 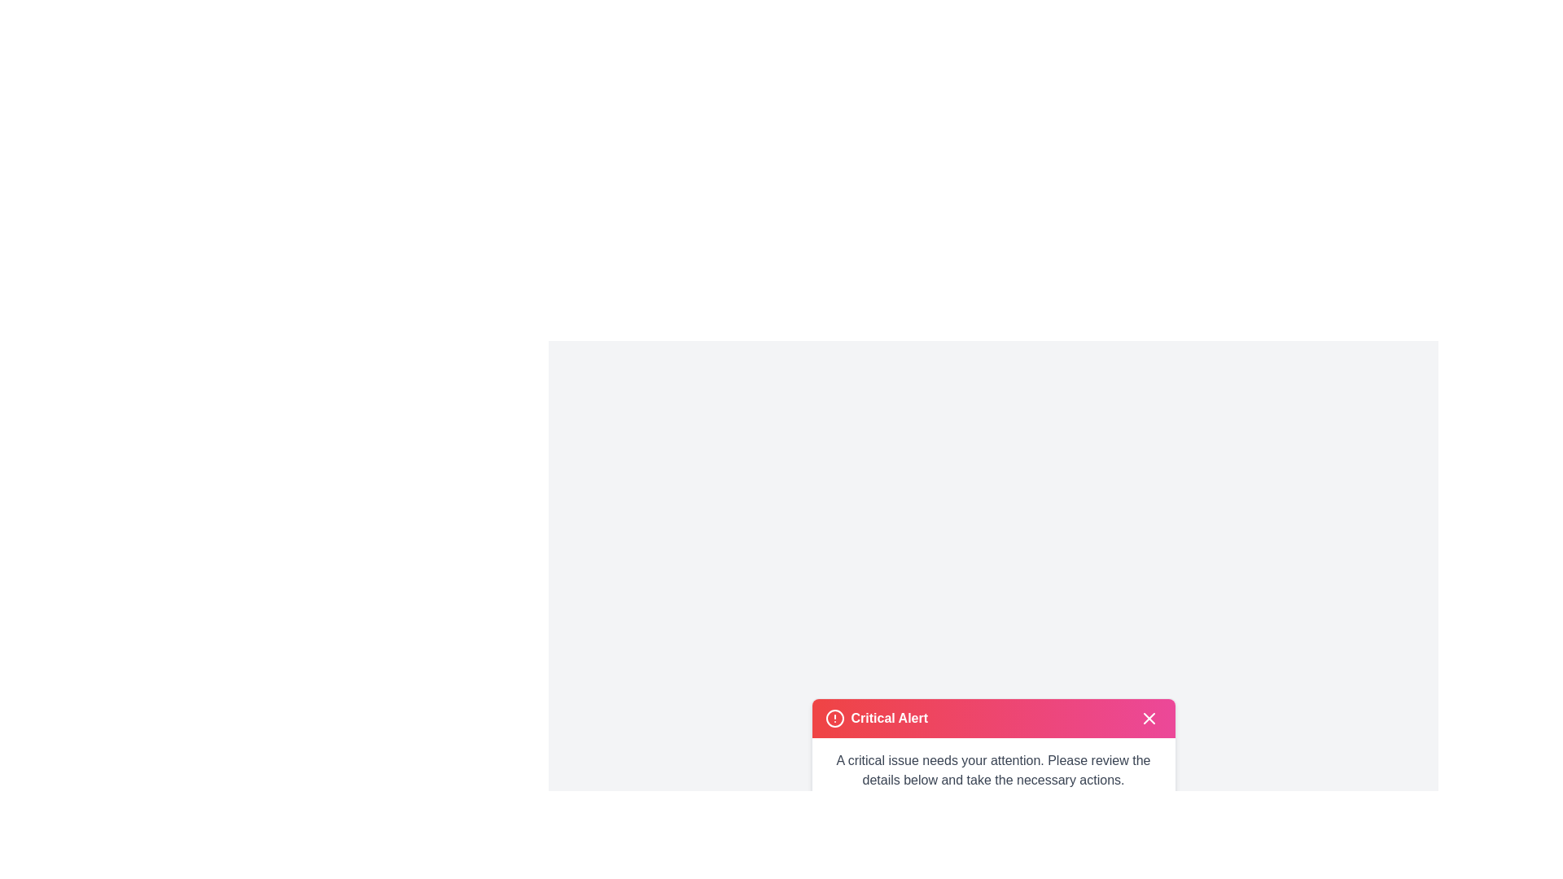 I want to click on the close button located at the top-right corner of the critical alert notification bar, so click(x=1148, y=717).